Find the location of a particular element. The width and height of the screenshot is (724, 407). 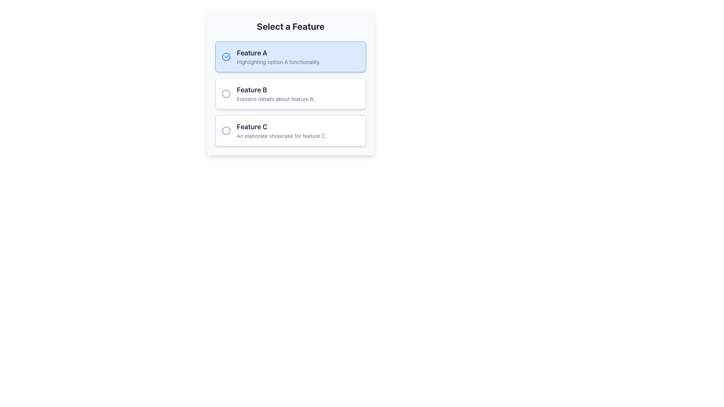

the List Group section containing the entries 'Feature A', 'Feature B', and 'Feature C' is located at coordinates (290, 93).